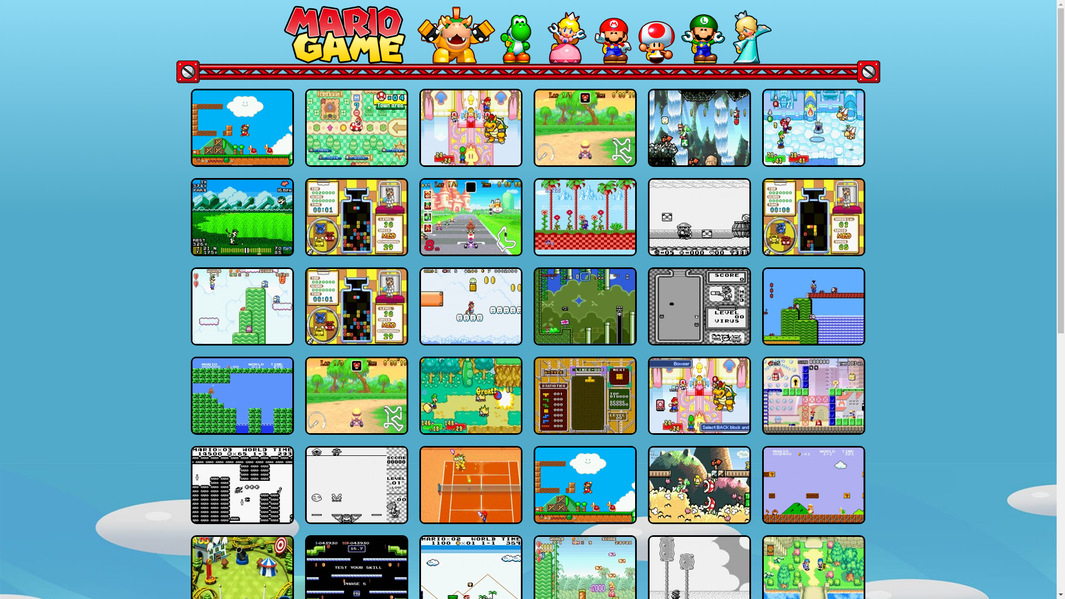  I want to click on 'Dr.Mario GameBoy', so click(699, 305).